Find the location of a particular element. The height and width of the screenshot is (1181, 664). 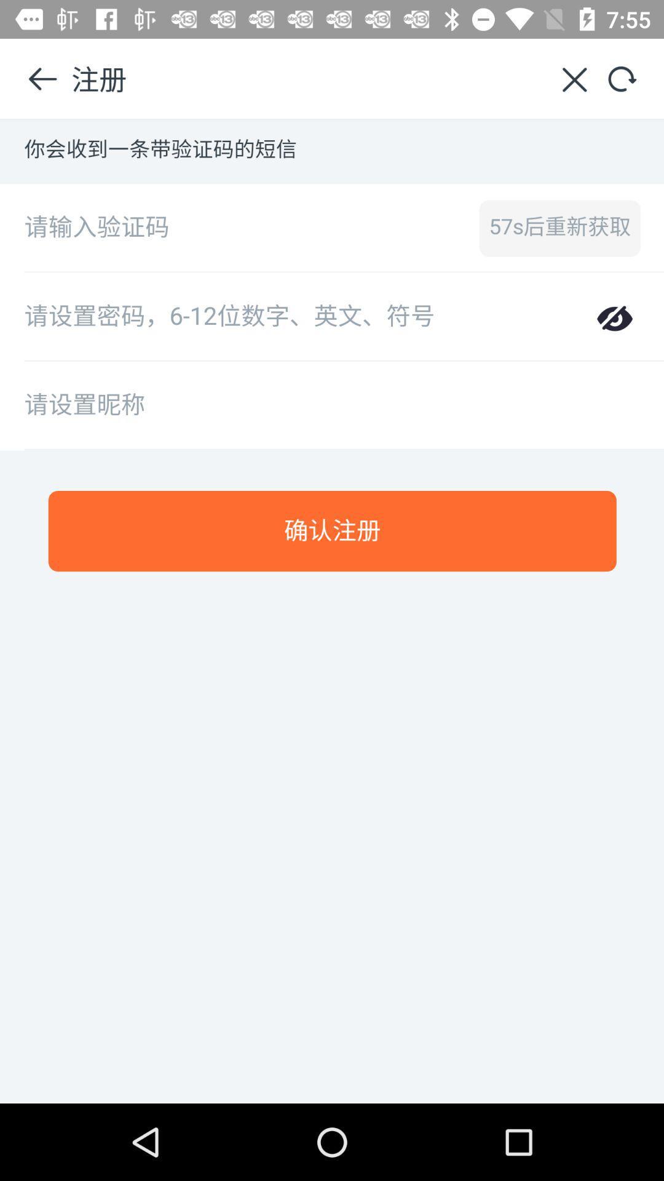

advertisement is located at coordinates (332, 611).